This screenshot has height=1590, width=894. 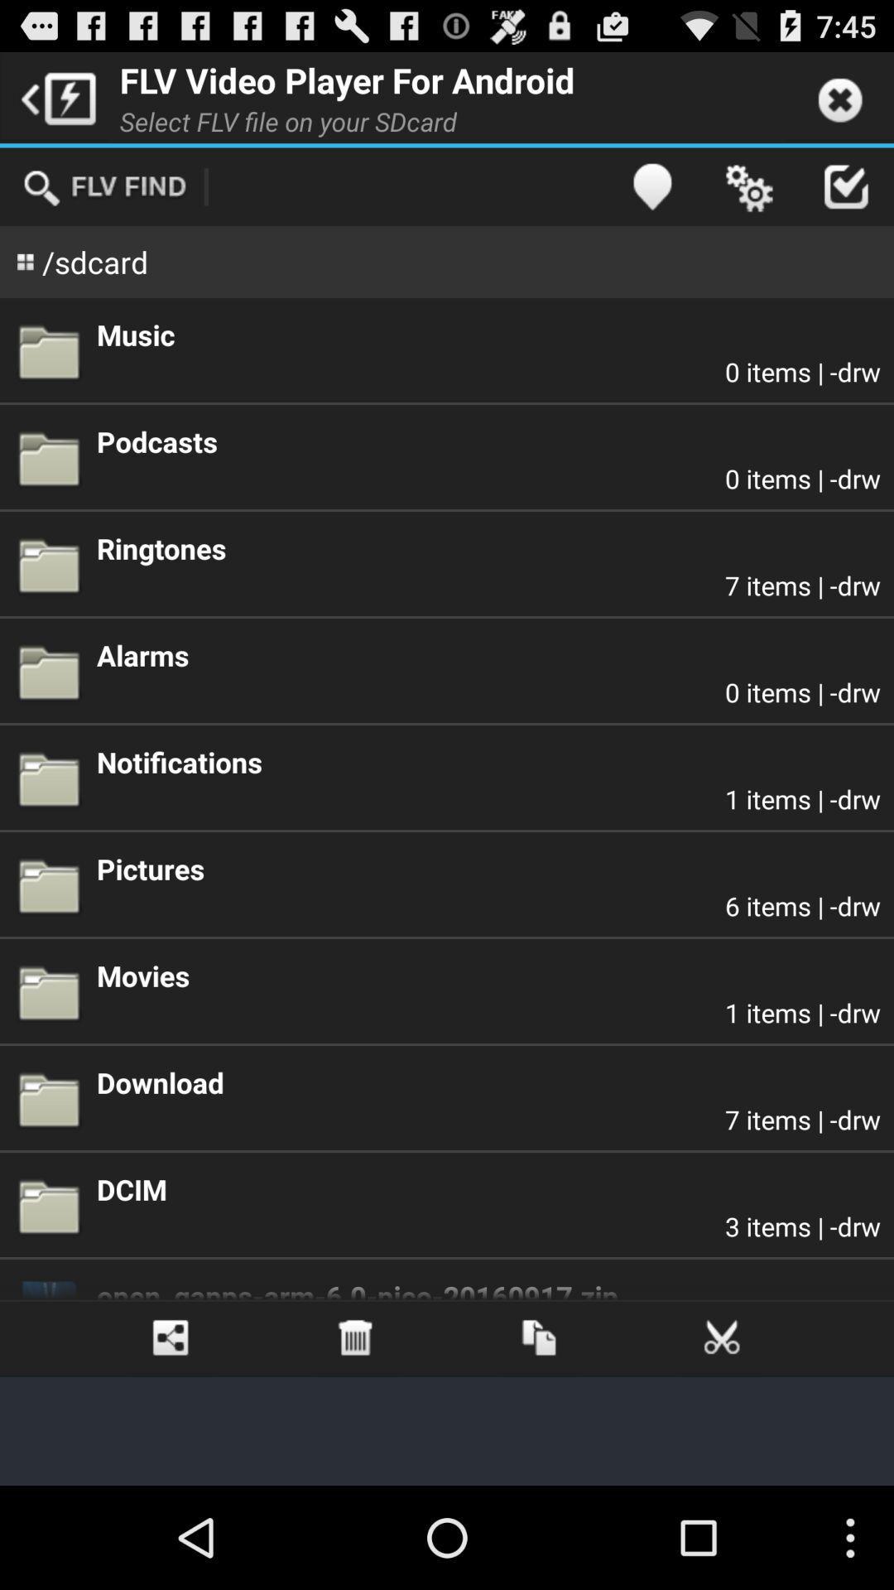 I want to click on app next to select flv file app, so click(x=651, y=186).